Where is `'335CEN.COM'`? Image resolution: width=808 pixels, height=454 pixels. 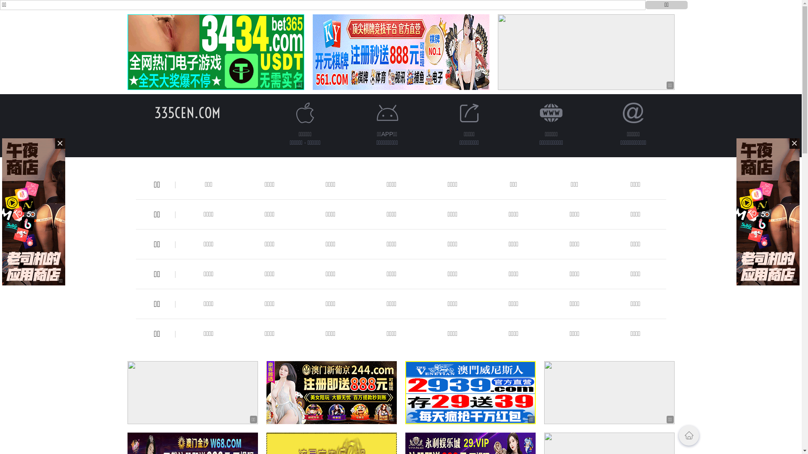 '335CEN.COM' is located at coordinates (187, 112).